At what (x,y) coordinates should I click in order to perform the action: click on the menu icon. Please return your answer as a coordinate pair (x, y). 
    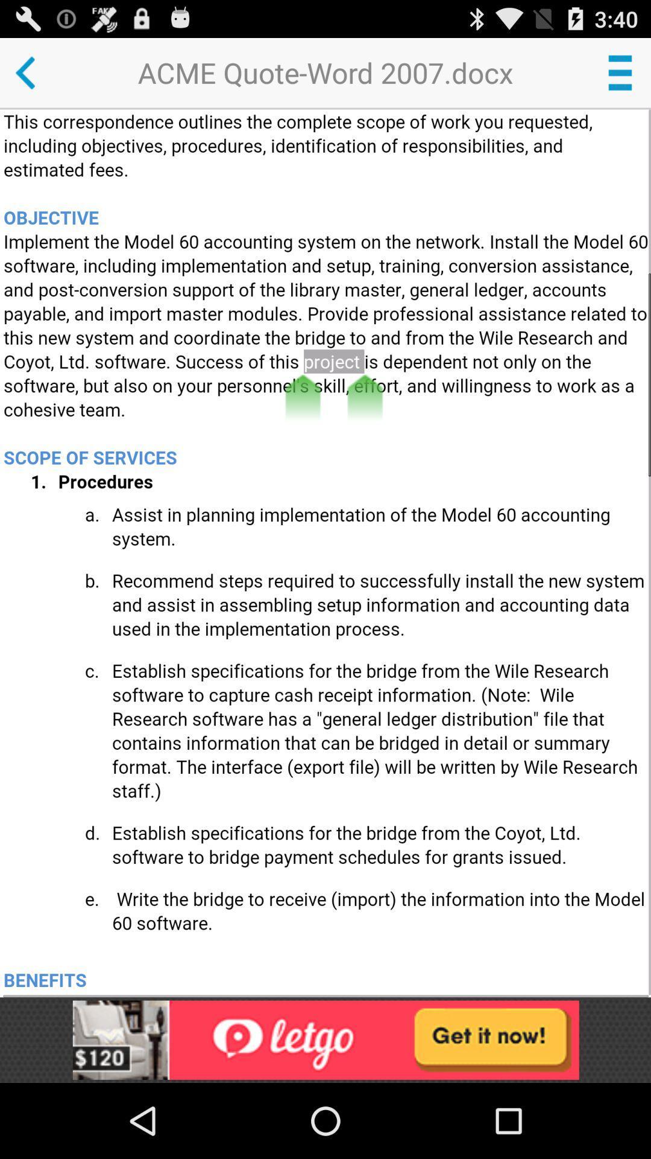
    Looking at the image, I should click on (620, 77).